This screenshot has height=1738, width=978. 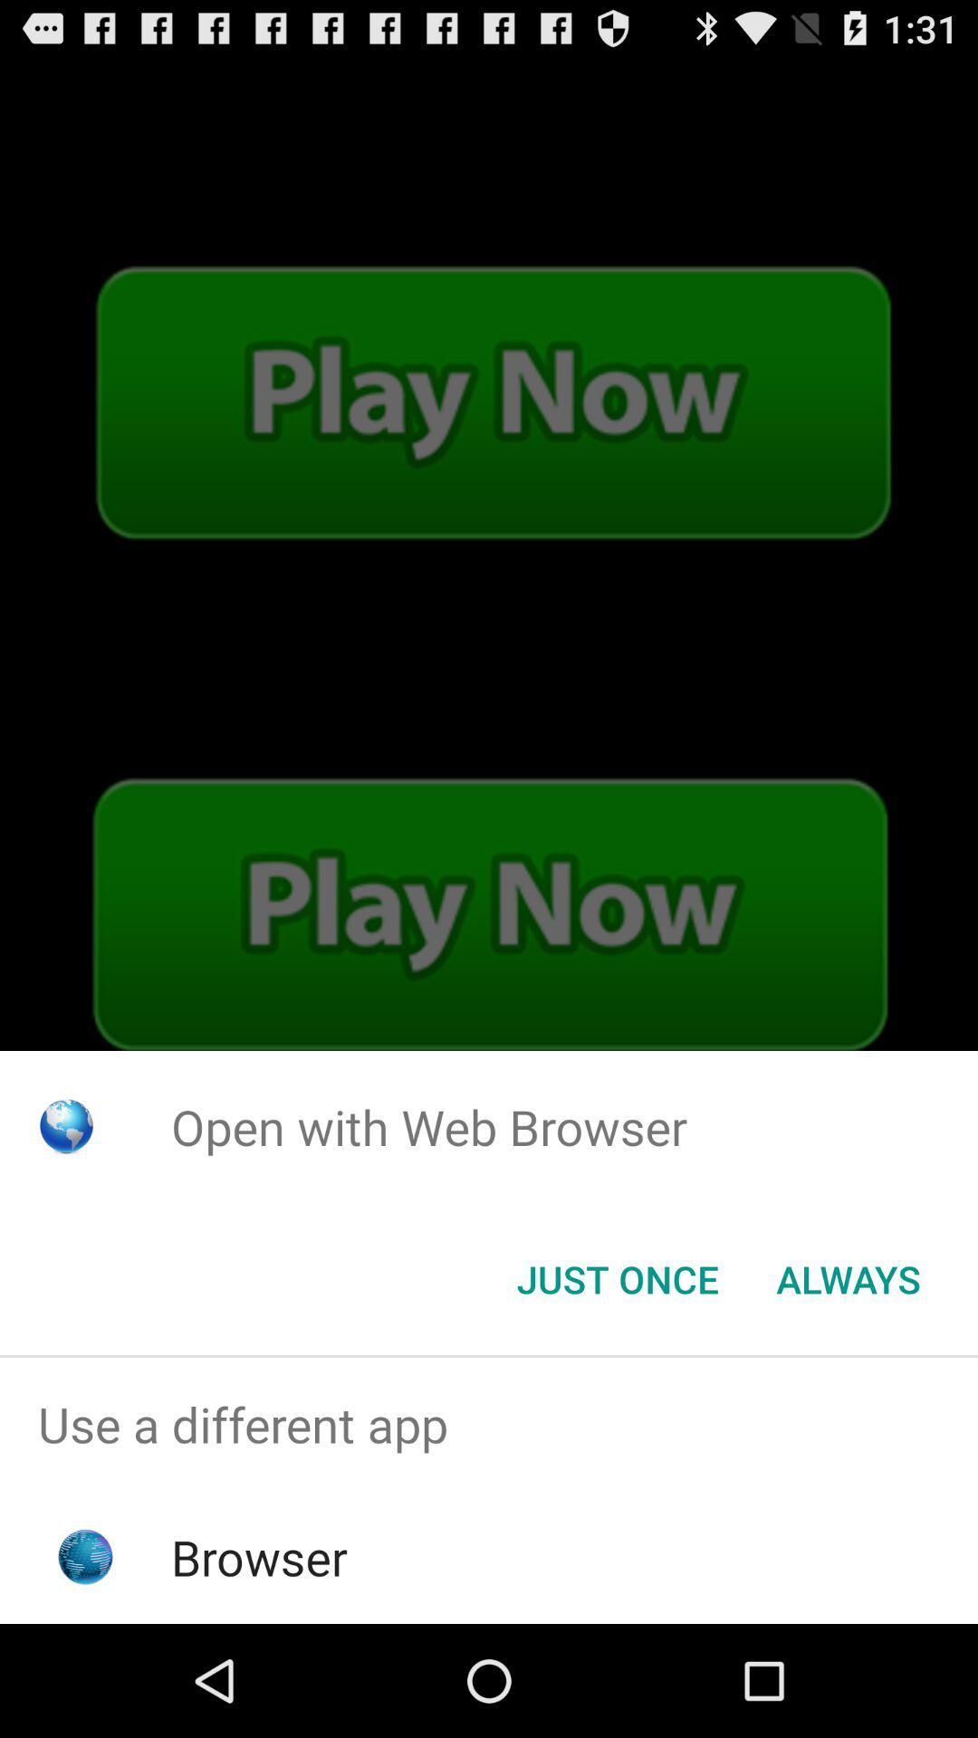 What do you see at coordinates (617, 1277) in the screenshot?
I see `the just once button` at bounding box center [617, 1277].